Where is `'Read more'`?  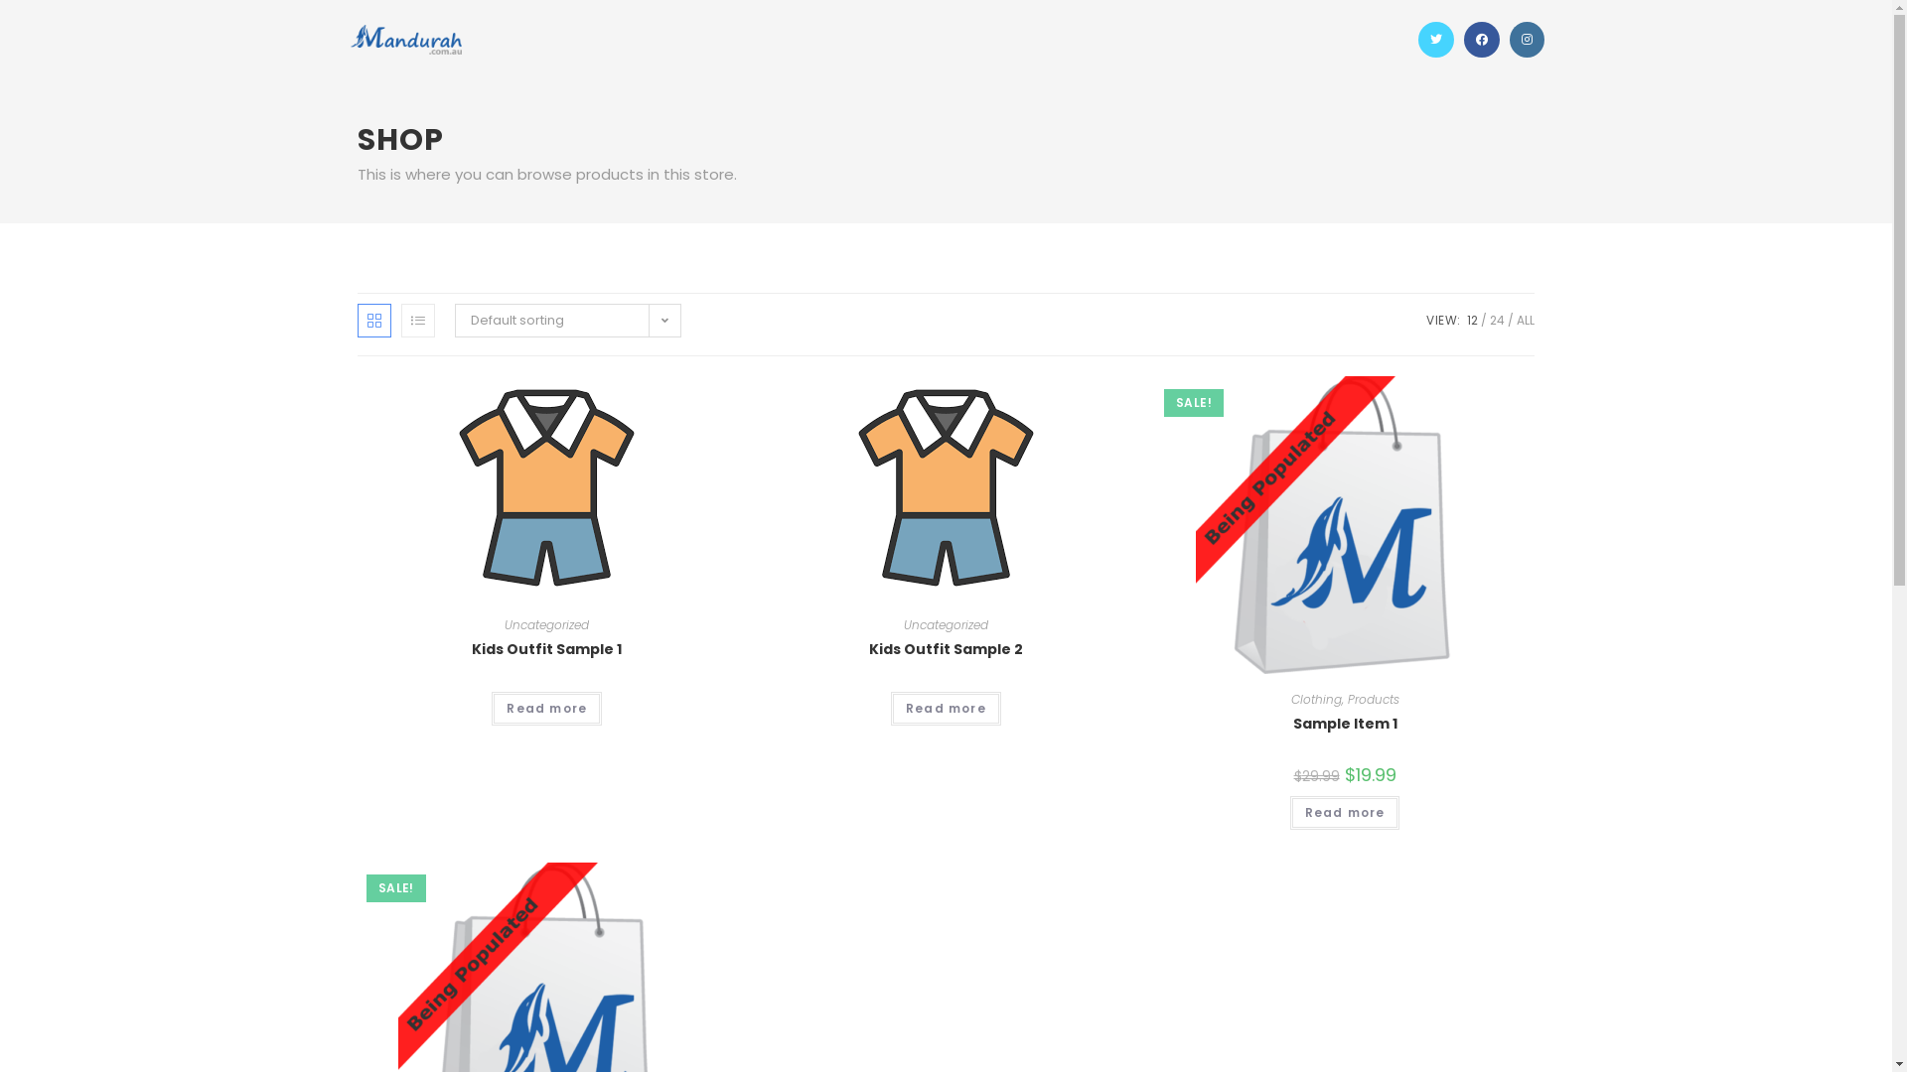 'Read more' is located at coordinates (546, 707).